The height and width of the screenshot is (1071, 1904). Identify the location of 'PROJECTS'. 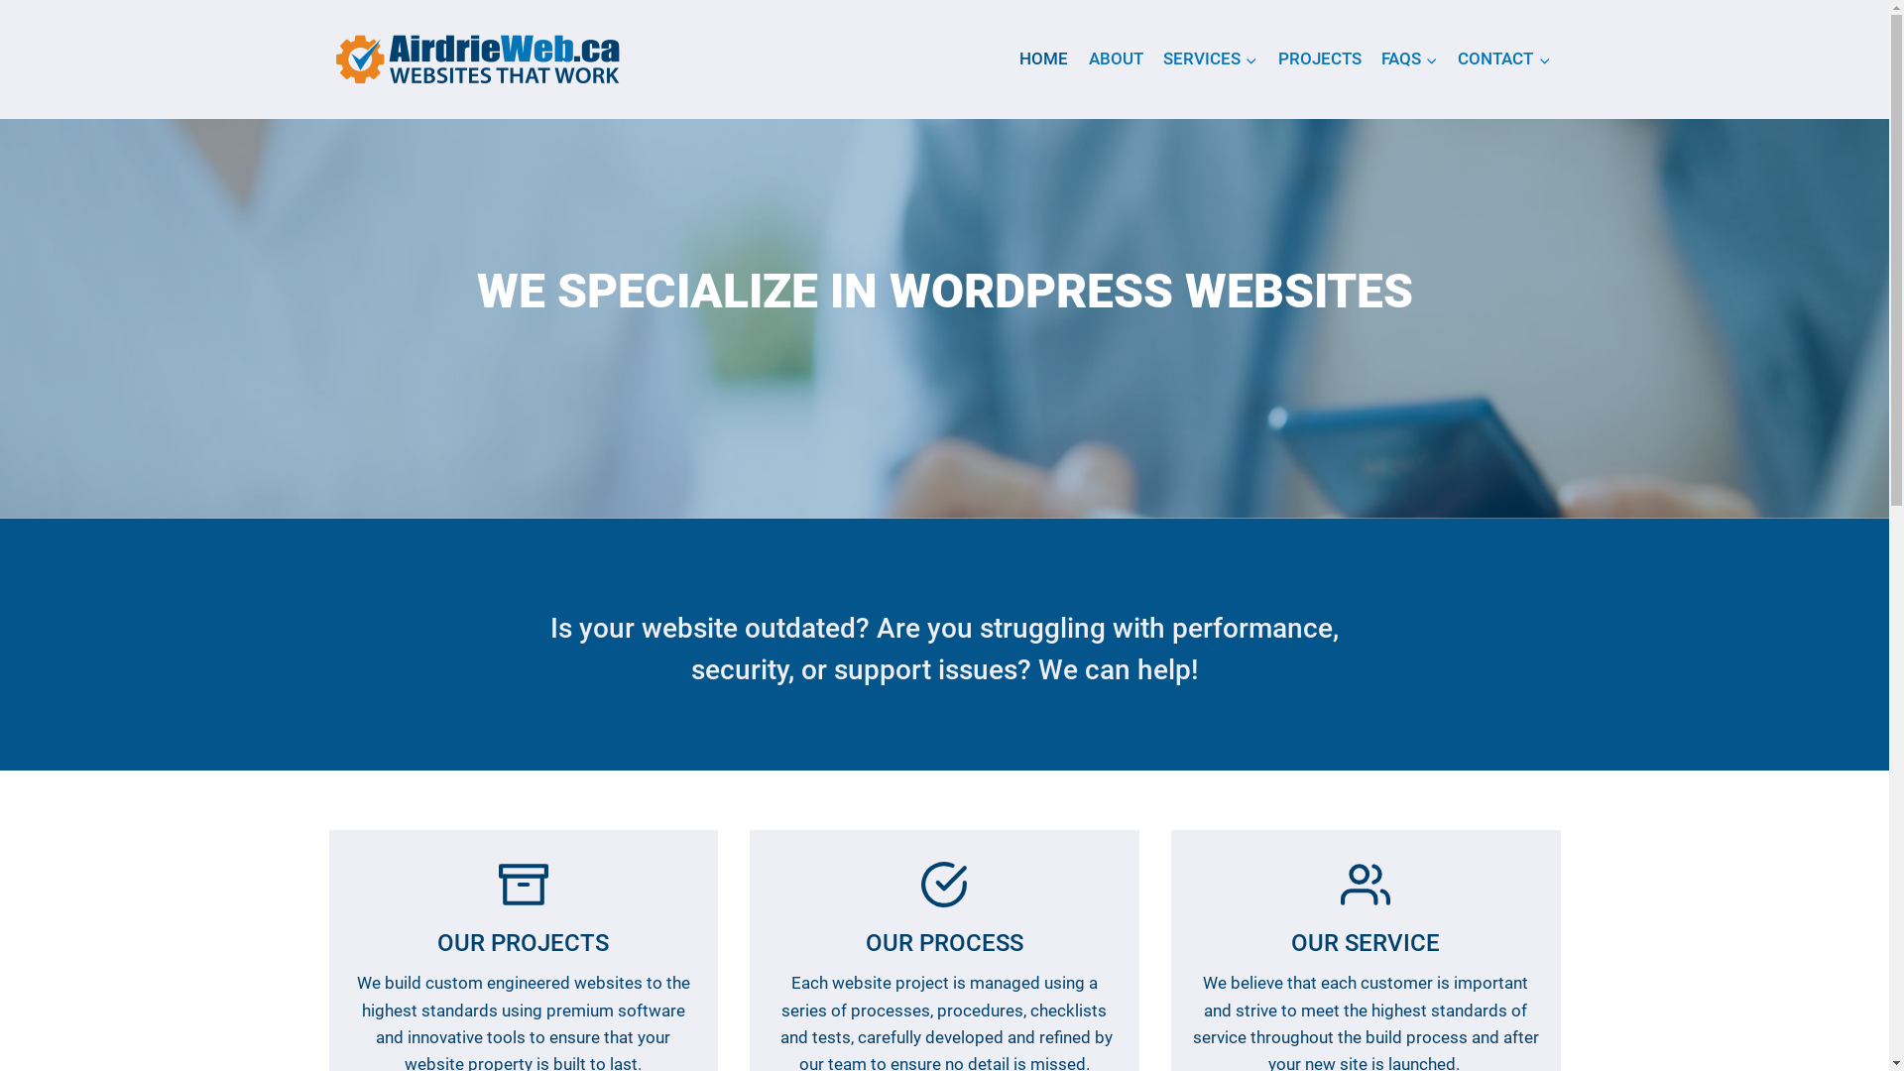
(1265, 59).